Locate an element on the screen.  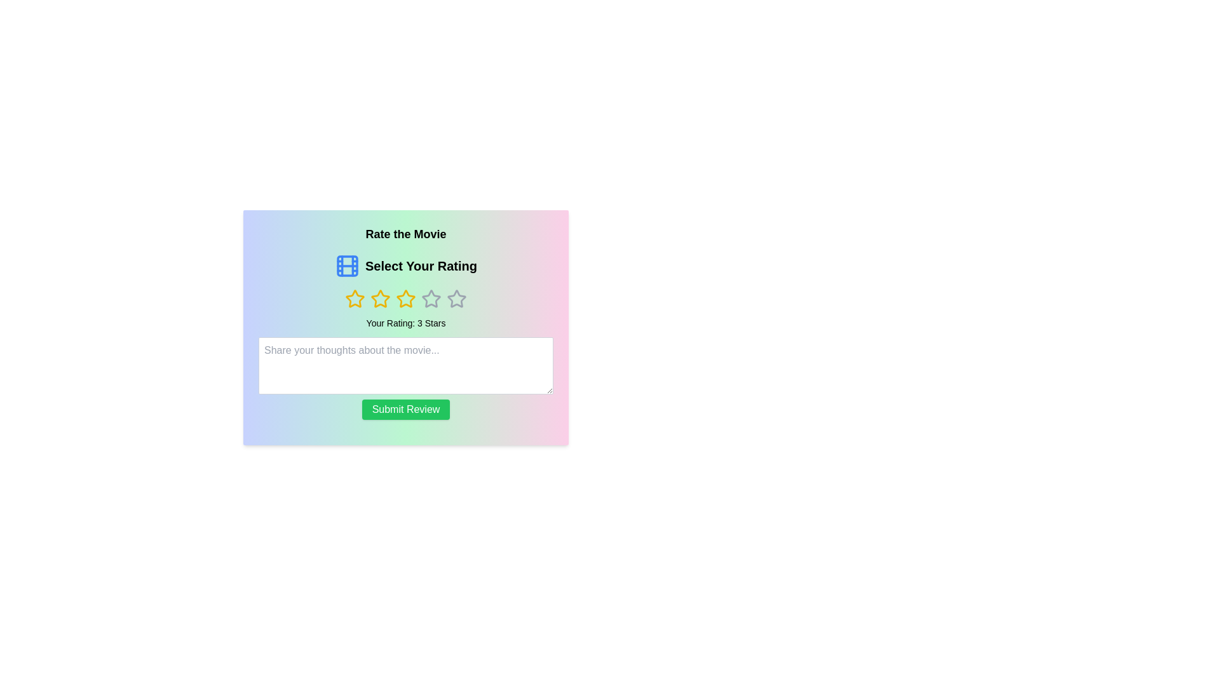
the text label that displays 'Your Rating: 3 Stars', which is centrally aligned below the star icons and above the multiline text input box is located at coordinates (405, 323).